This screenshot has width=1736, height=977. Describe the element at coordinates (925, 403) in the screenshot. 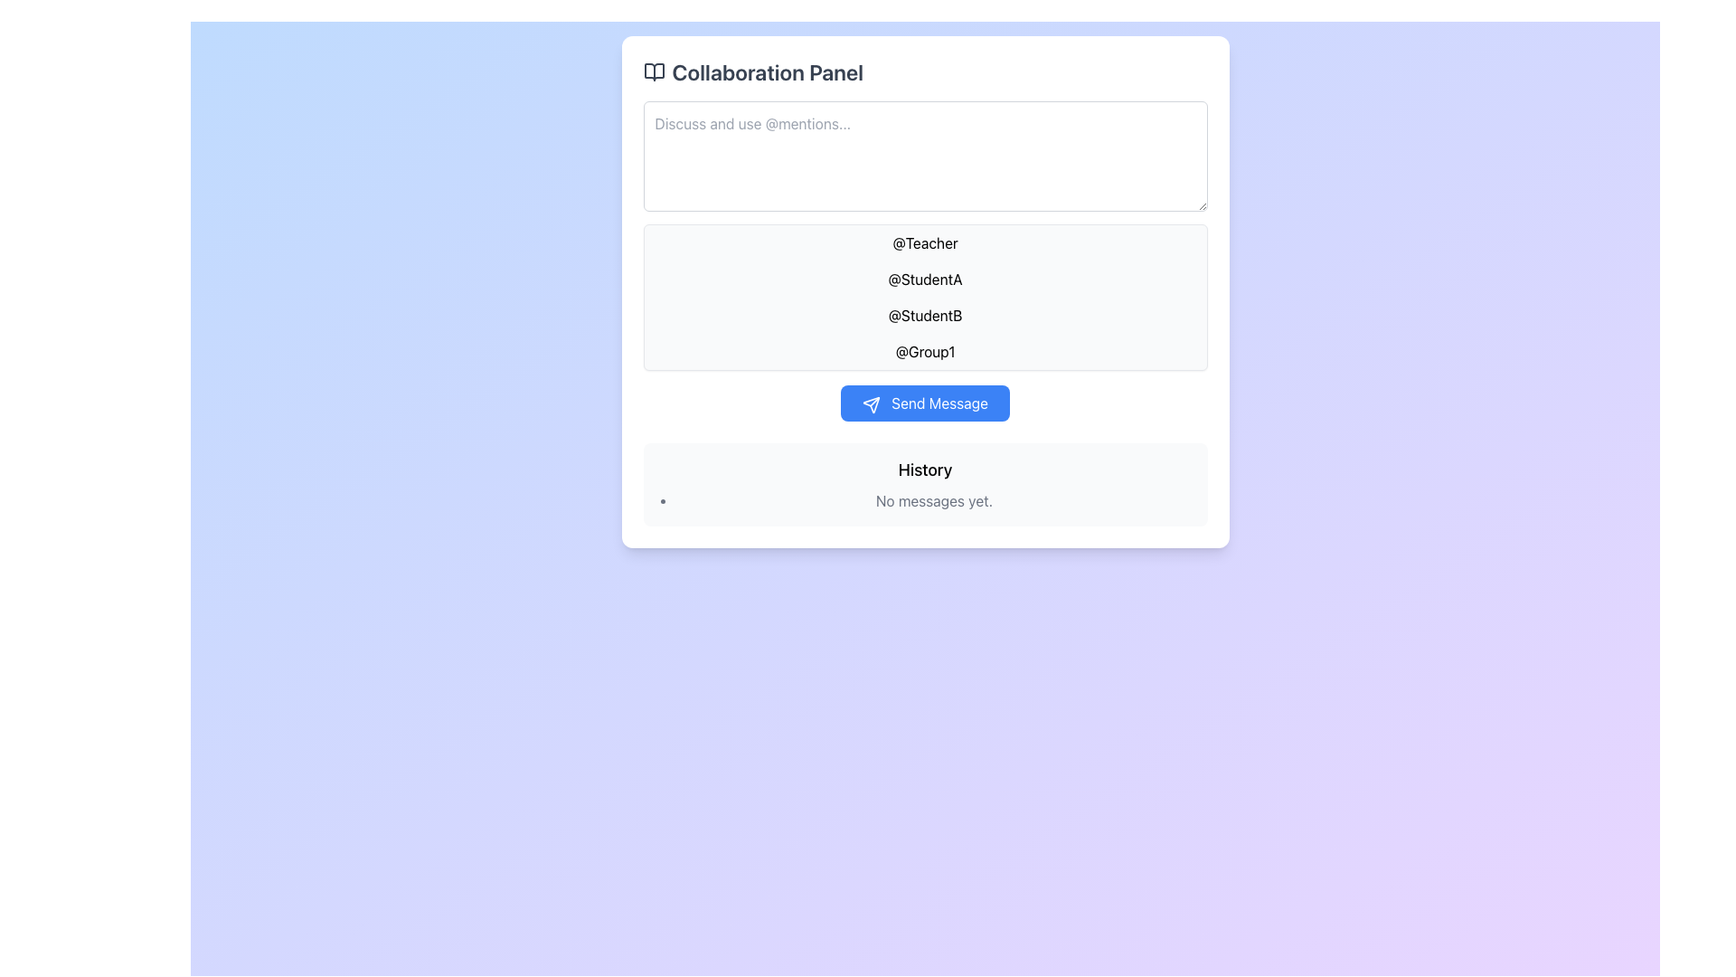

I see `the 'Send Message' button, which has a blue background and white text with a paper airplane icon on the left` at that location.